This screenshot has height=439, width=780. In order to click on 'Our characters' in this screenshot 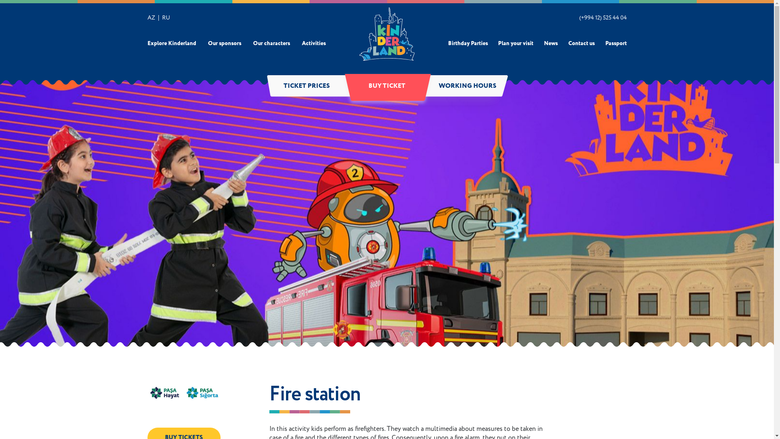, I will do `click(271, 43)`.